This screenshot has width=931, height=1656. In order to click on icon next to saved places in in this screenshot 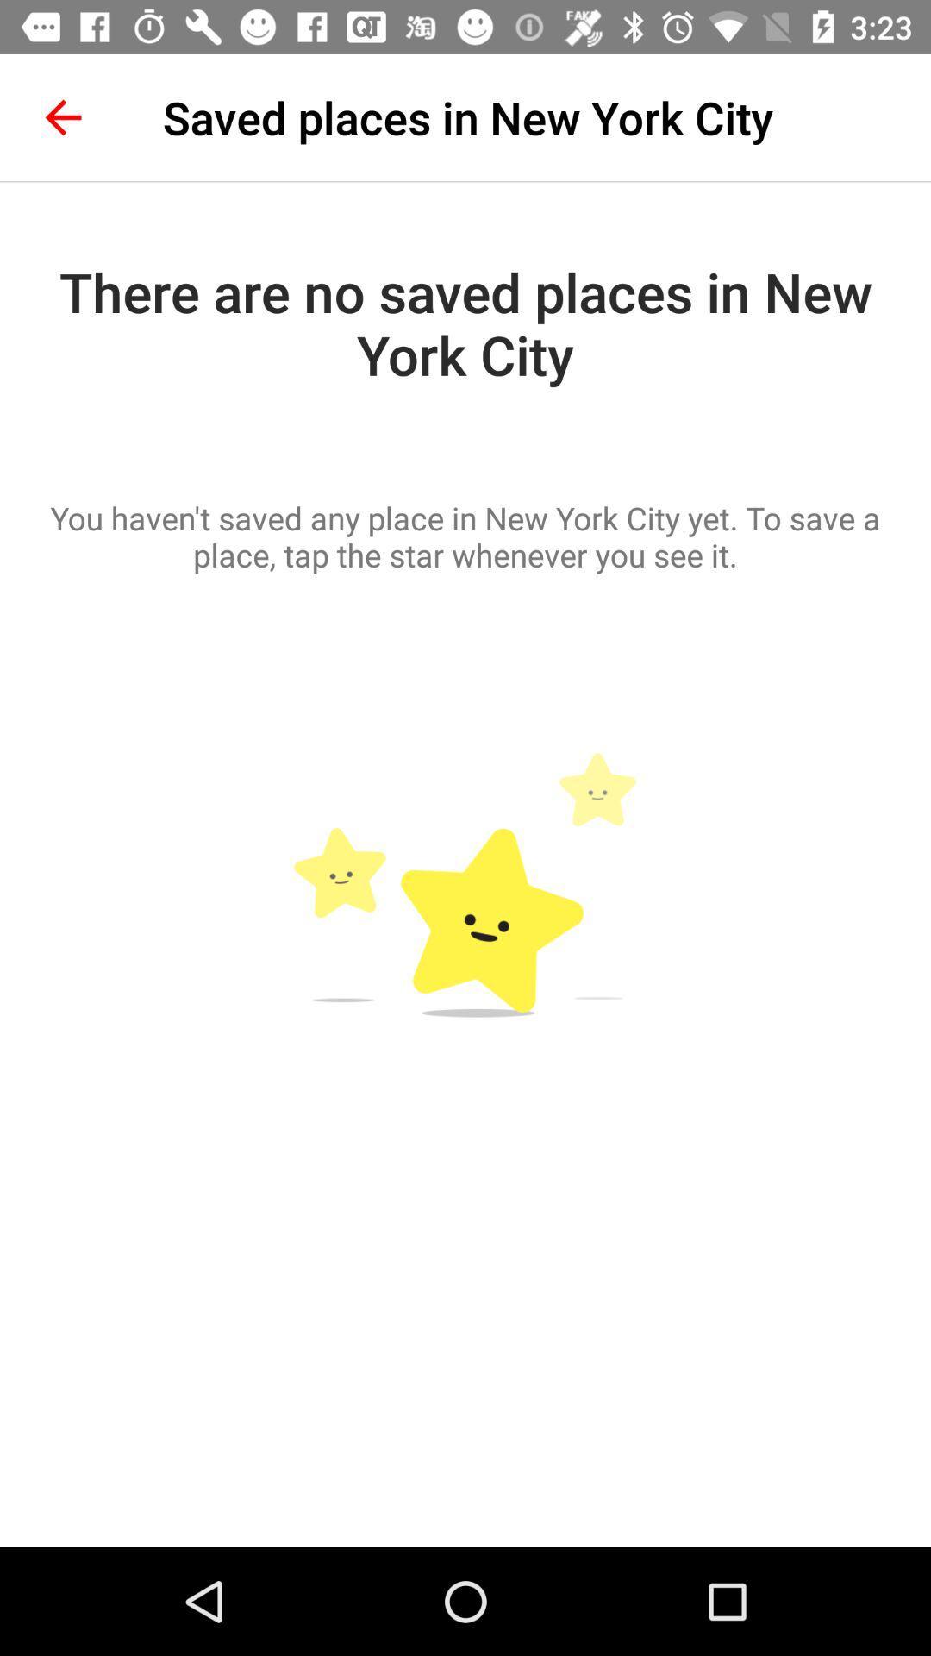, I will do `click(62, 116)`.